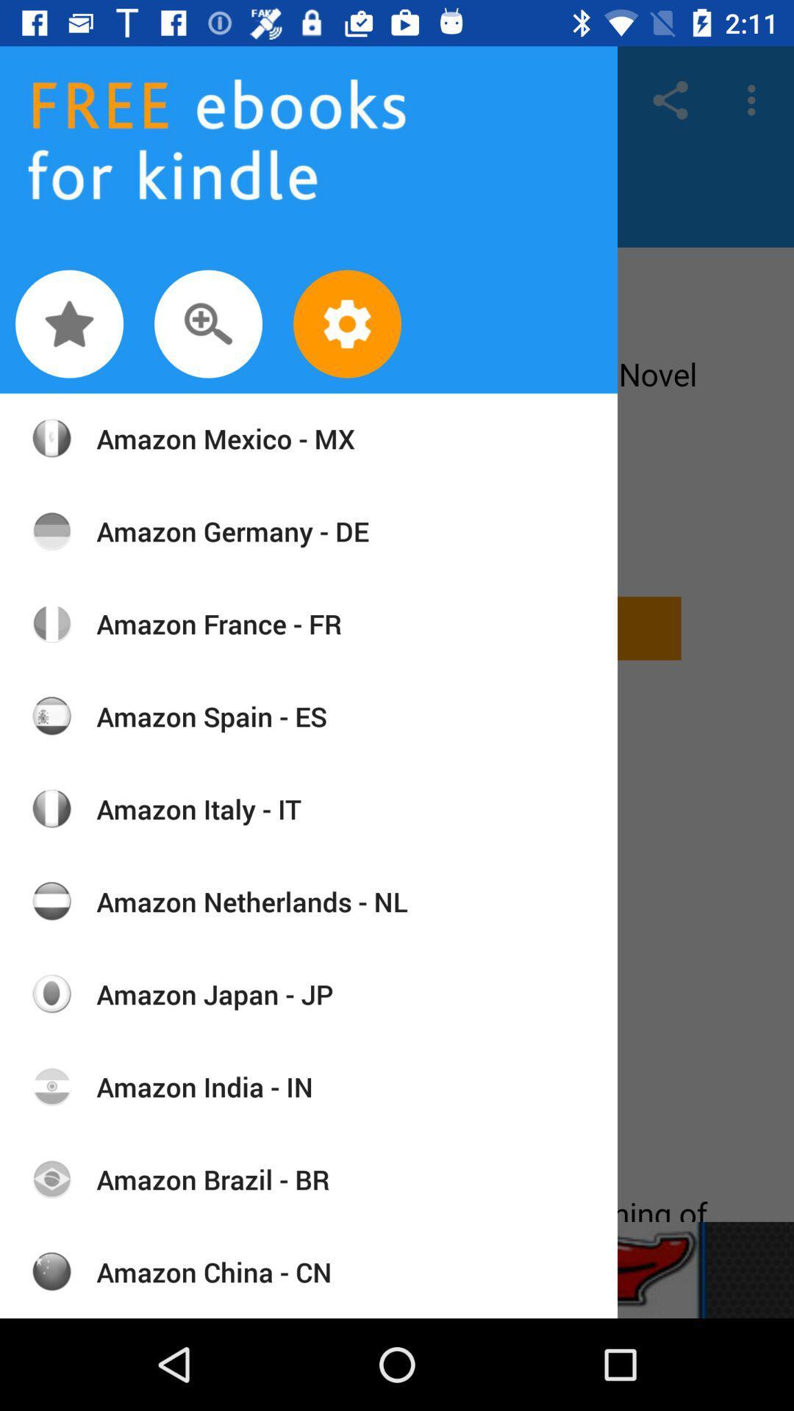 The height and width of the screenshot is (1411, 794). I want to click on the font icon, so click(53, 99).